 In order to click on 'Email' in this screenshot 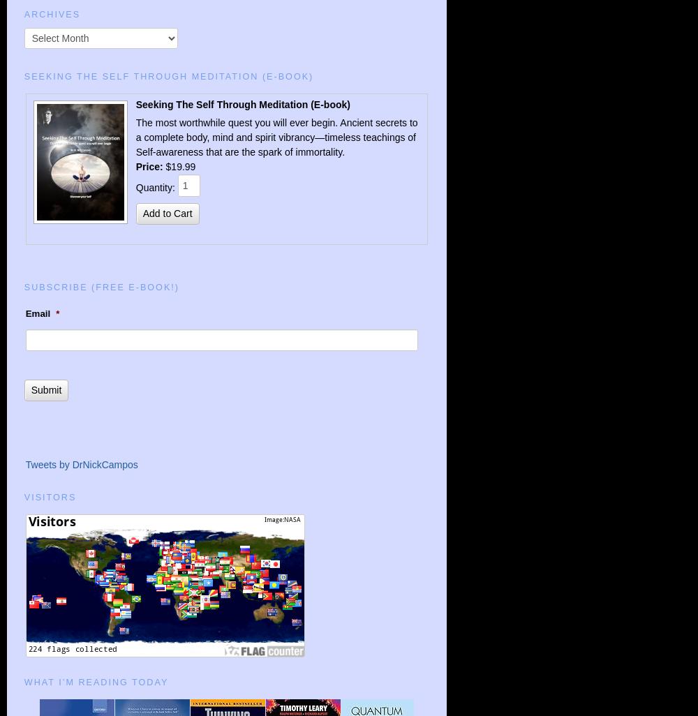, I will do `click(38, 313)`.